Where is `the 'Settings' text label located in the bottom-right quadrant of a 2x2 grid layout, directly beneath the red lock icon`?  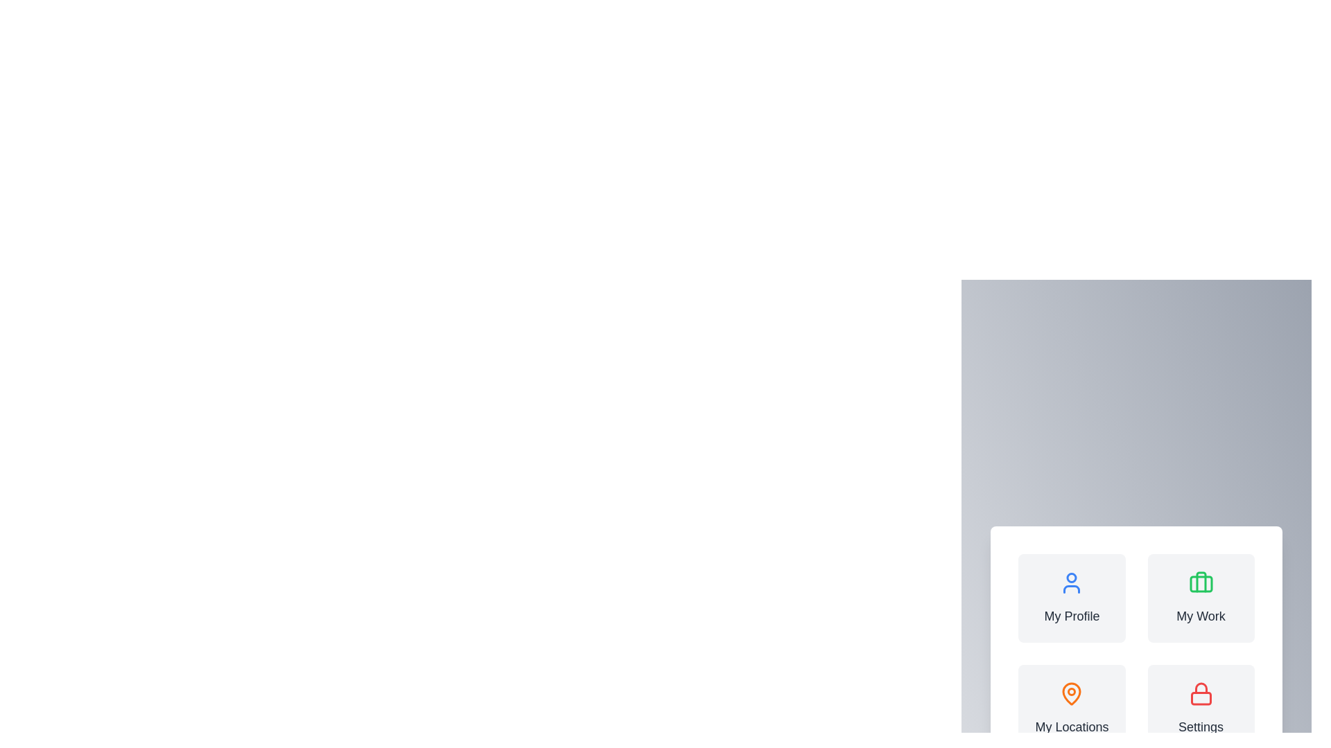
the 'Settings' text label located in the bottom-right quadrant of a 2x2 grid layout, directly beneath the red lock icon is located at coordinates (1200, 726).